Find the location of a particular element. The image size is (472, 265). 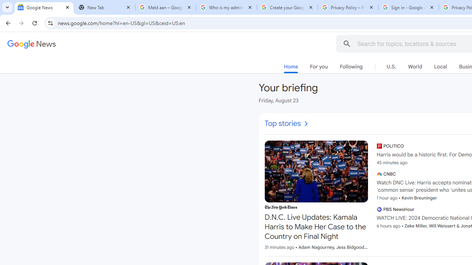

'Following' is located at coordinates (351, 67).